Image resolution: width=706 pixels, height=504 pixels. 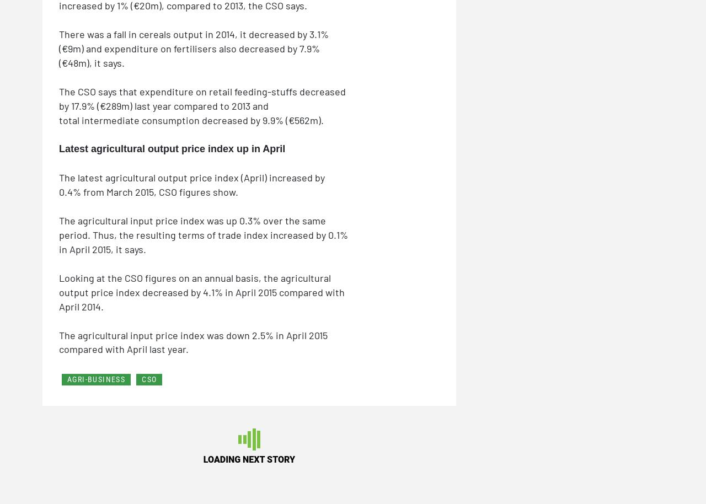 What do you see at coordinates (194, 47) in the screenshot?
I see `'There was a fall in cereals output in 2014, it decreased by 3.1% (€9m) and expenditure on fertilisers also decreased by 7.9% (€48m), it says.'` at bounding box center [194, 47].